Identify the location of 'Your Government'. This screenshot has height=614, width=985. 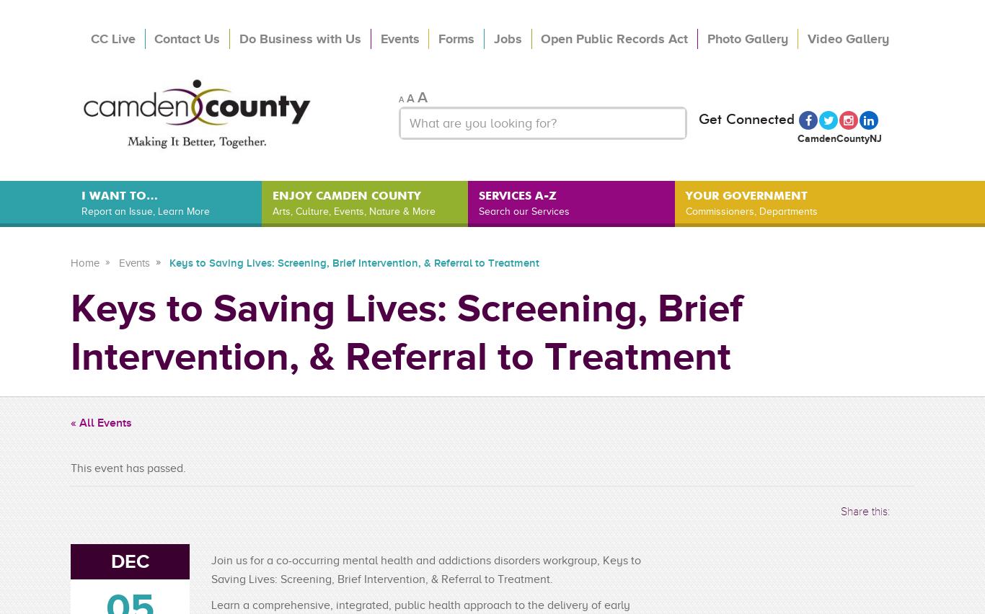
(746, 195).